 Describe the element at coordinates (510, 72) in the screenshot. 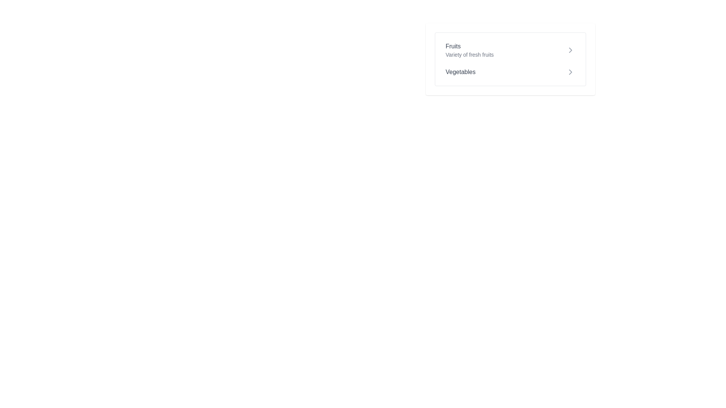

I see `the second list item labeled 'Vegetables'` at that location.